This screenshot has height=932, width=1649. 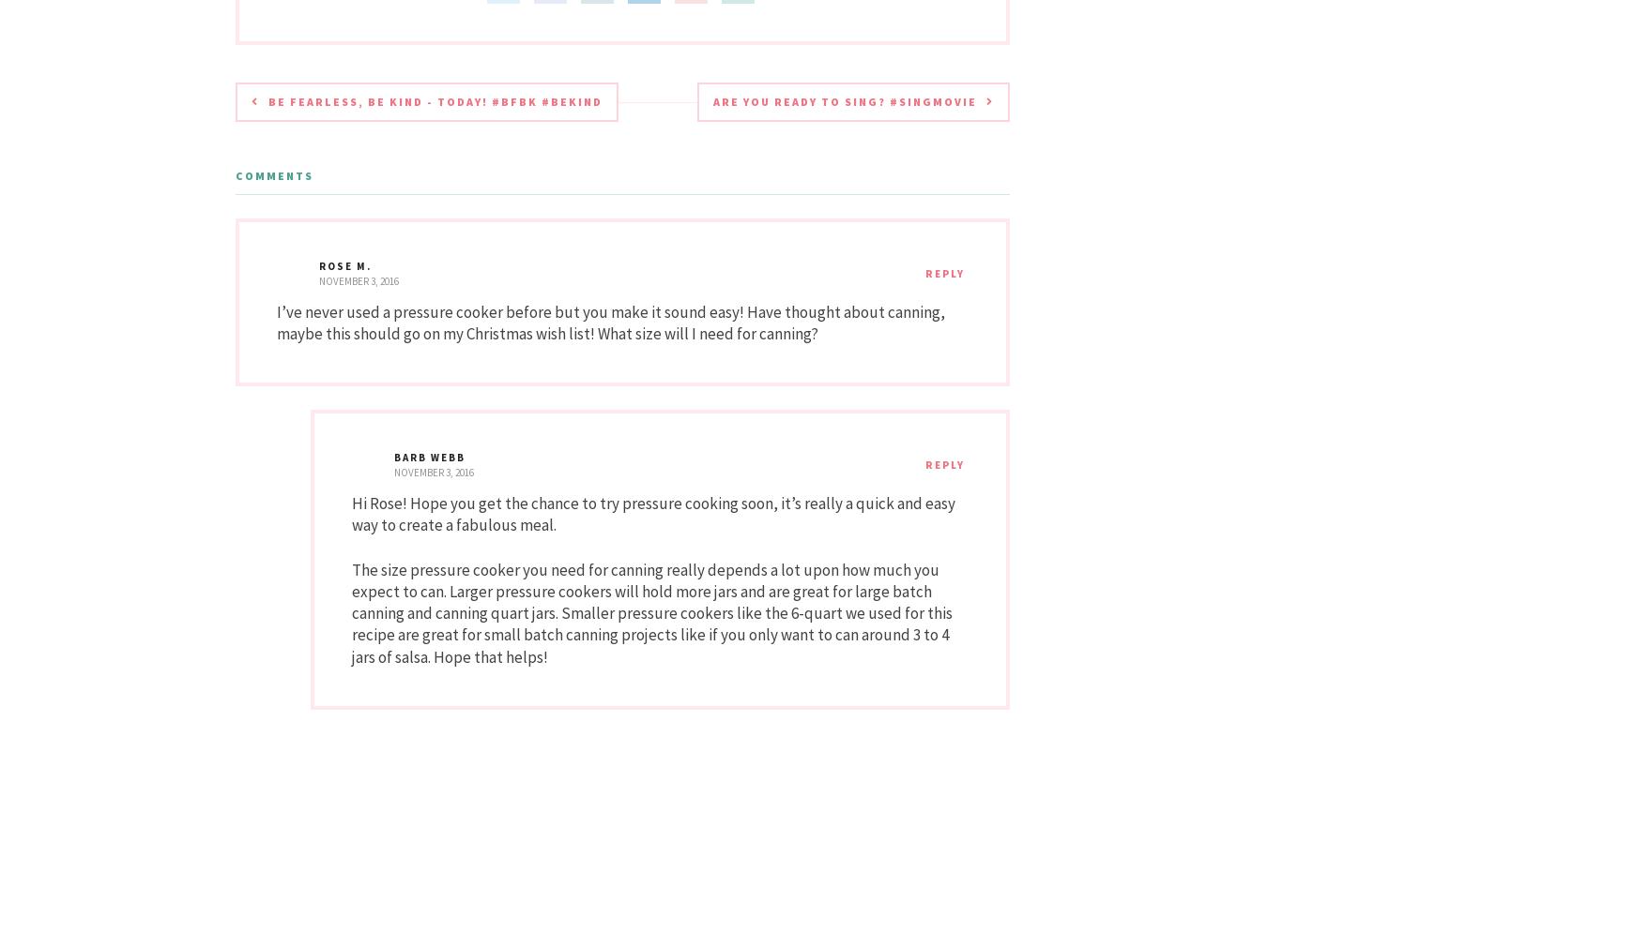 I want to click on 'Are You Ready to SING? #SingMovie', so click(x=844, y=100).